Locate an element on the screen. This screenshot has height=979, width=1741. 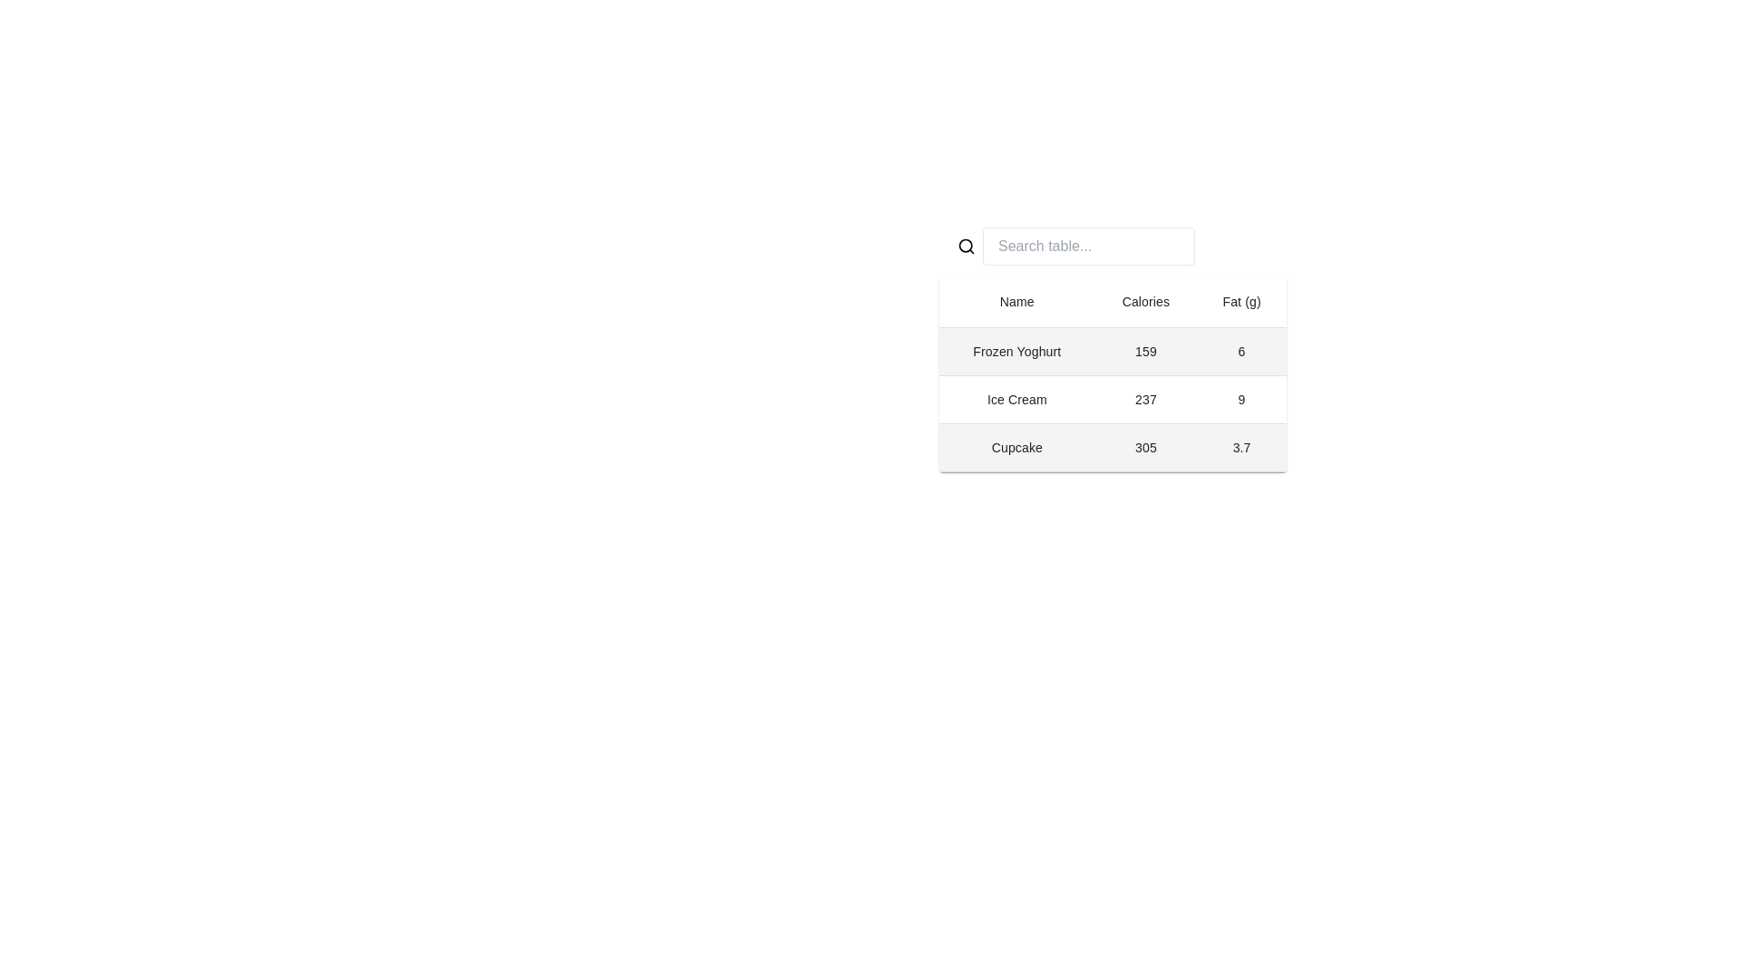
text of the table header cell containing 'Fat (g)', located in the last column of the header row is located at coordinates (1240, 301).